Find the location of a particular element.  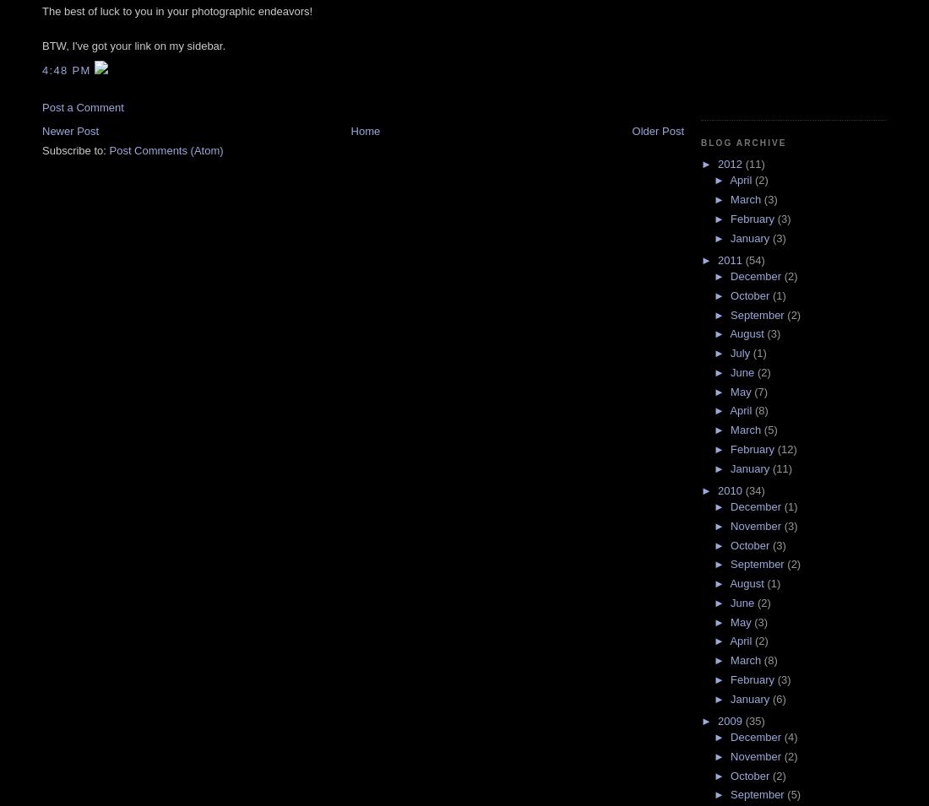

'Newer Post' is located at coordinates (70, 129).